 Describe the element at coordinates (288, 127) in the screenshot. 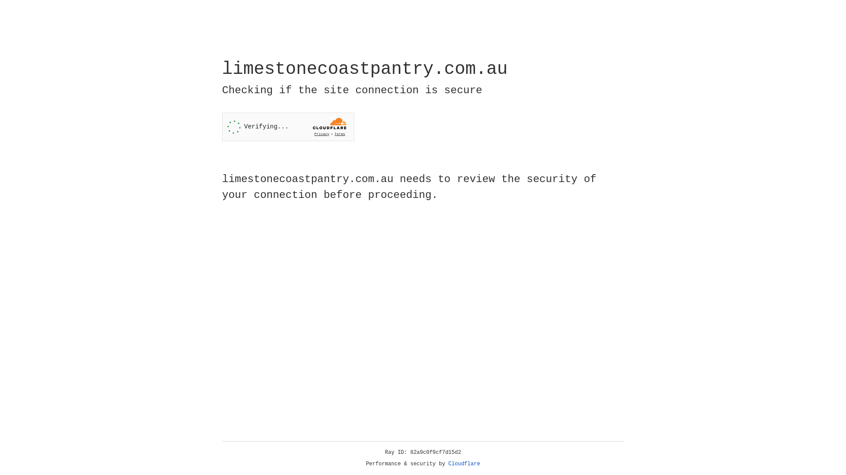

I see `'Widget containing a Cloudflare security challenge'` at that location.